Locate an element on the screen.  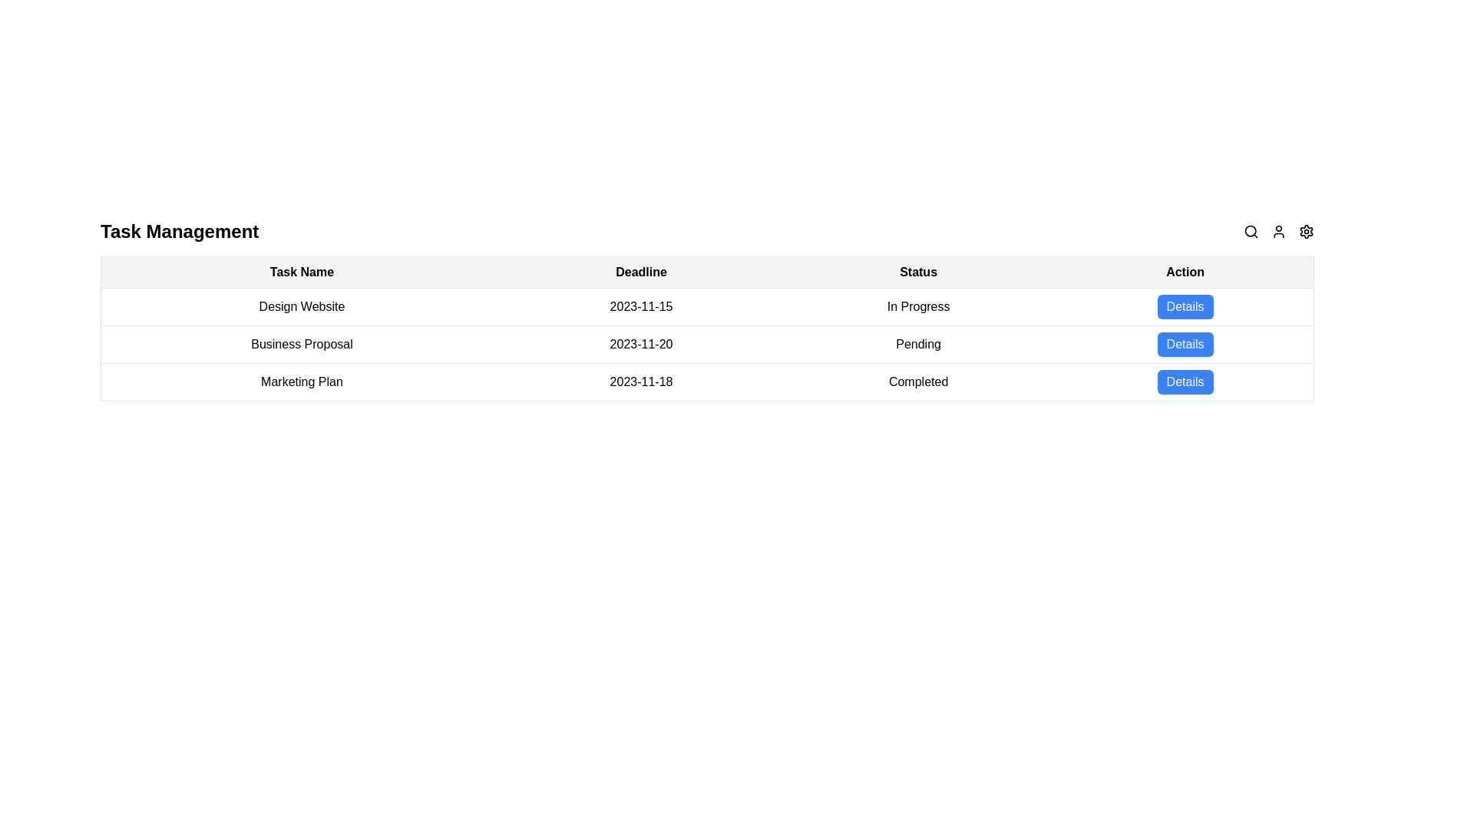
the Text label that displays the status of a task as 'Completed', located in the third row of the table under the 'Status' column, horizontally aligned with '2023-11-18' and 'Details' is located at coordinates (918, 381).